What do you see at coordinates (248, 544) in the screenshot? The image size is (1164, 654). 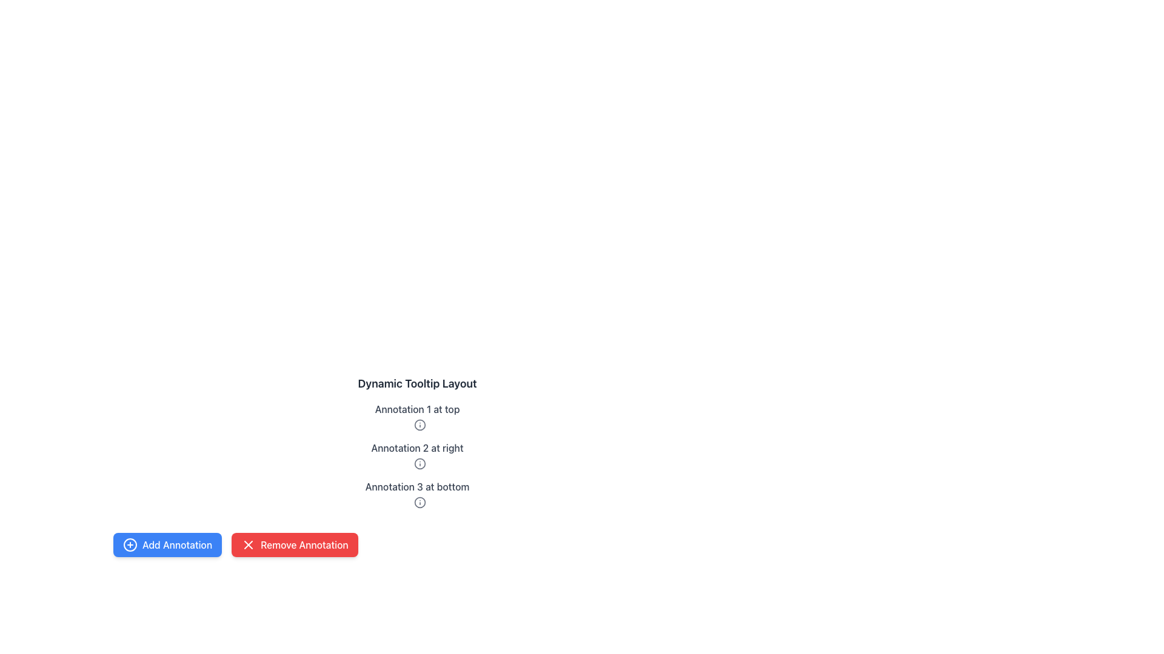 I see `the 'close' icon located within the 'Remove Annotation' button` at bounding box center [248, 544].